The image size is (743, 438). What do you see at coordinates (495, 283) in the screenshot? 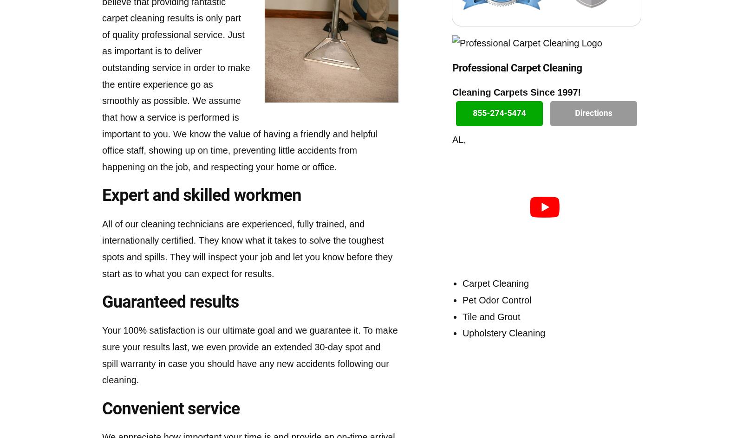
I see `'Carpet Cleaning'` at bounding box center [495, 283].